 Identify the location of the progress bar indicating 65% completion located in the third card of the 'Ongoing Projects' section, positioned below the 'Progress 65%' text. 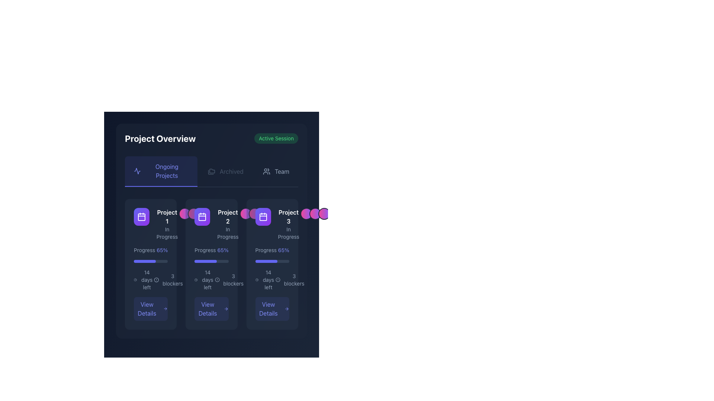
(272, 261).